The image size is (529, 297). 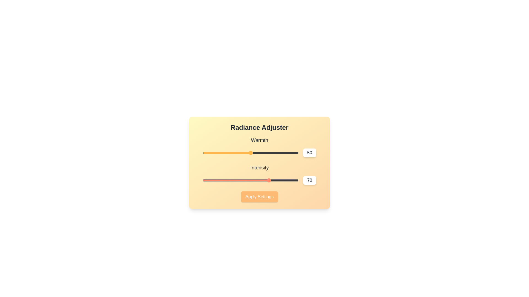 What do you see at coordinates (212, 153) in the screenshot?
I see `the 'Warmth' slider to 10` at bounding box center [212, 153].